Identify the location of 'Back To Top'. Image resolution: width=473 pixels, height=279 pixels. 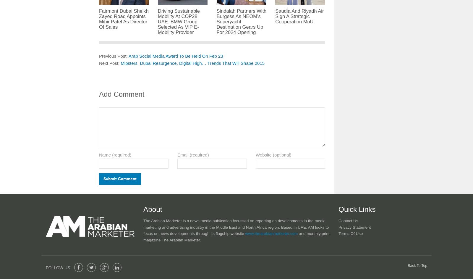
(417, 265).